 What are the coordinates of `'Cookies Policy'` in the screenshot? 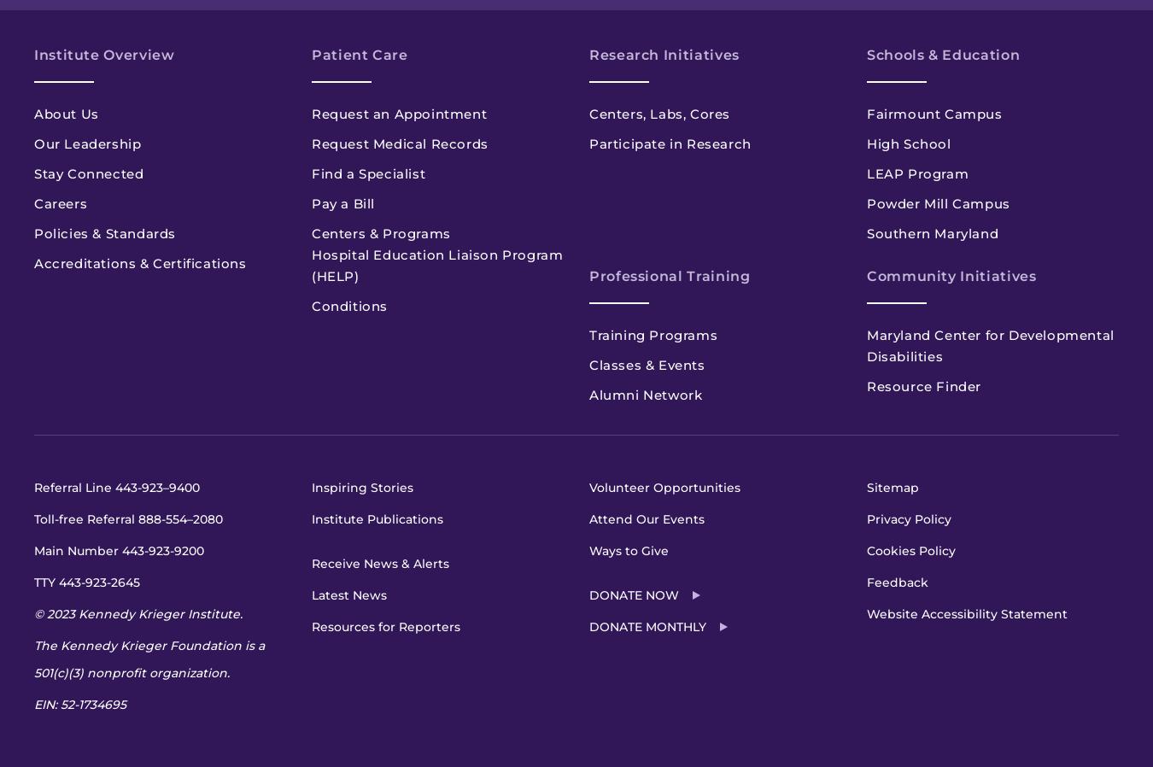 It's located at (911, 550).